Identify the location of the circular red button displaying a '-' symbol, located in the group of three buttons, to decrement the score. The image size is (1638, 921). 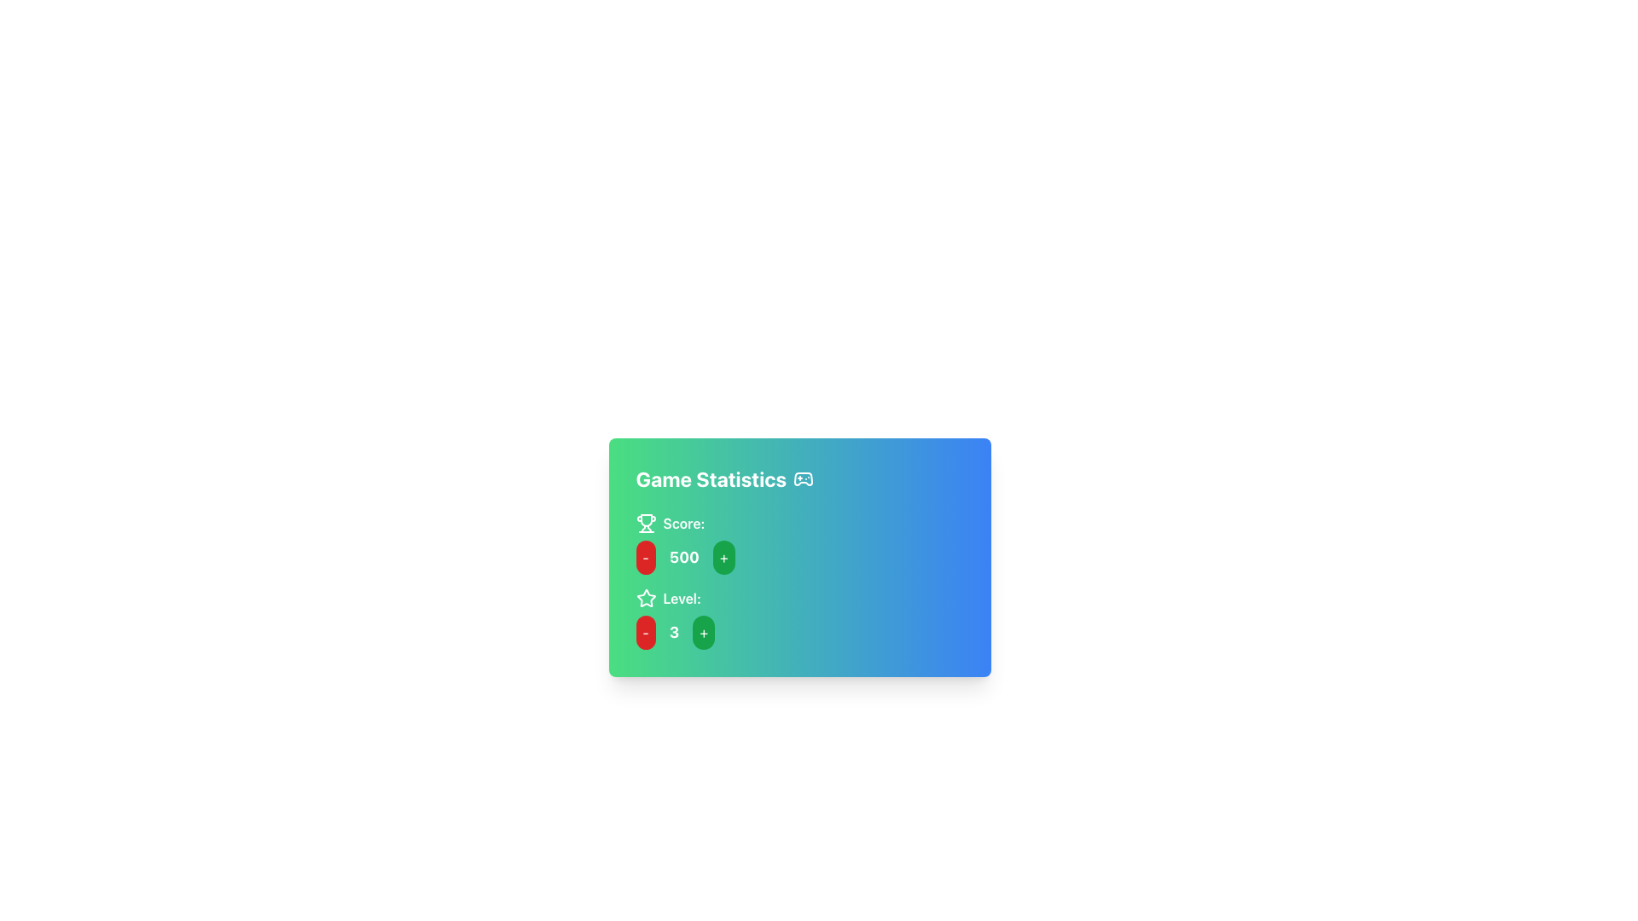
(645, 558).